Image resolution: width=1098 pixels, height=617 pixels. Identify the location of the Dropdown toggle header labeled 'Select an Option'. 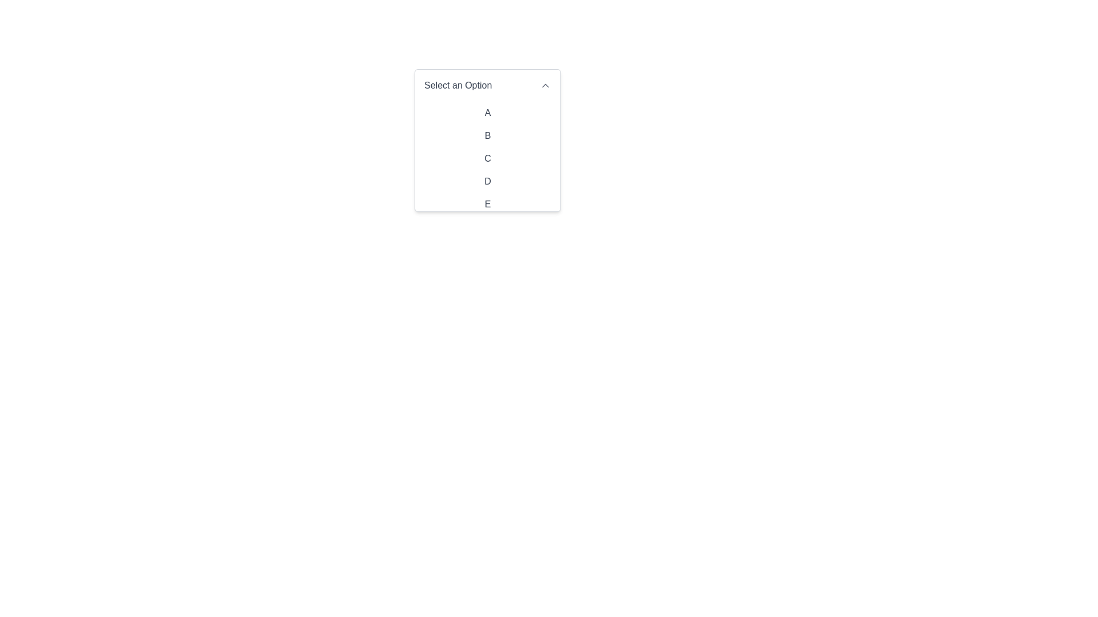
(488, 85).